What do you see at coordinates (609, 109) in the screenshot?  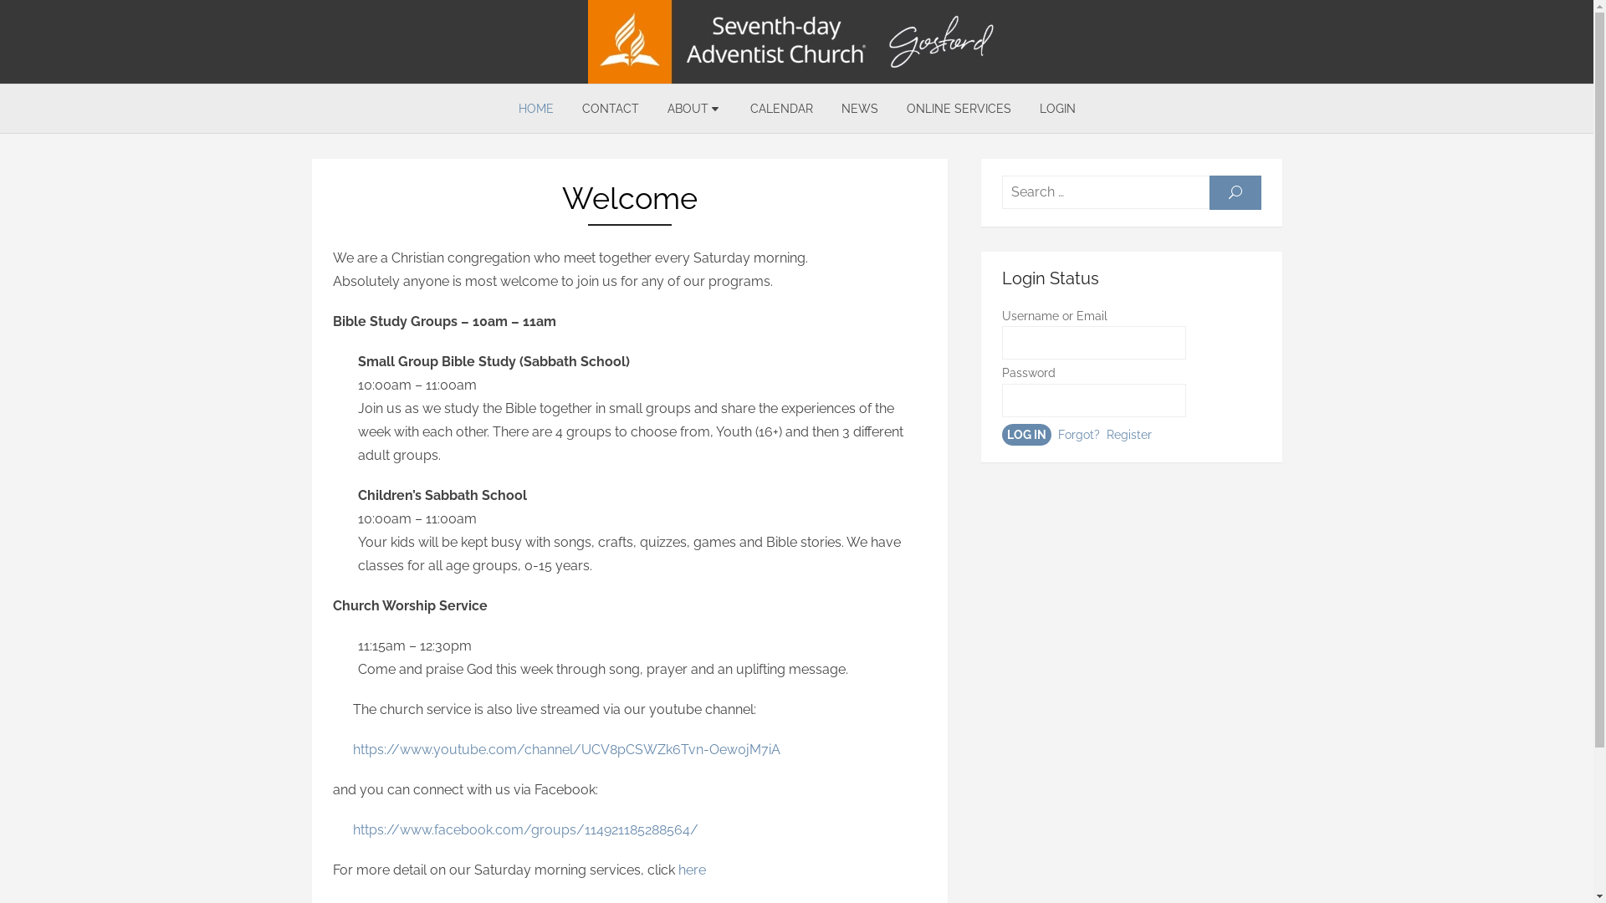 I see `'CONTACT'` at bounding box center [609, 109].